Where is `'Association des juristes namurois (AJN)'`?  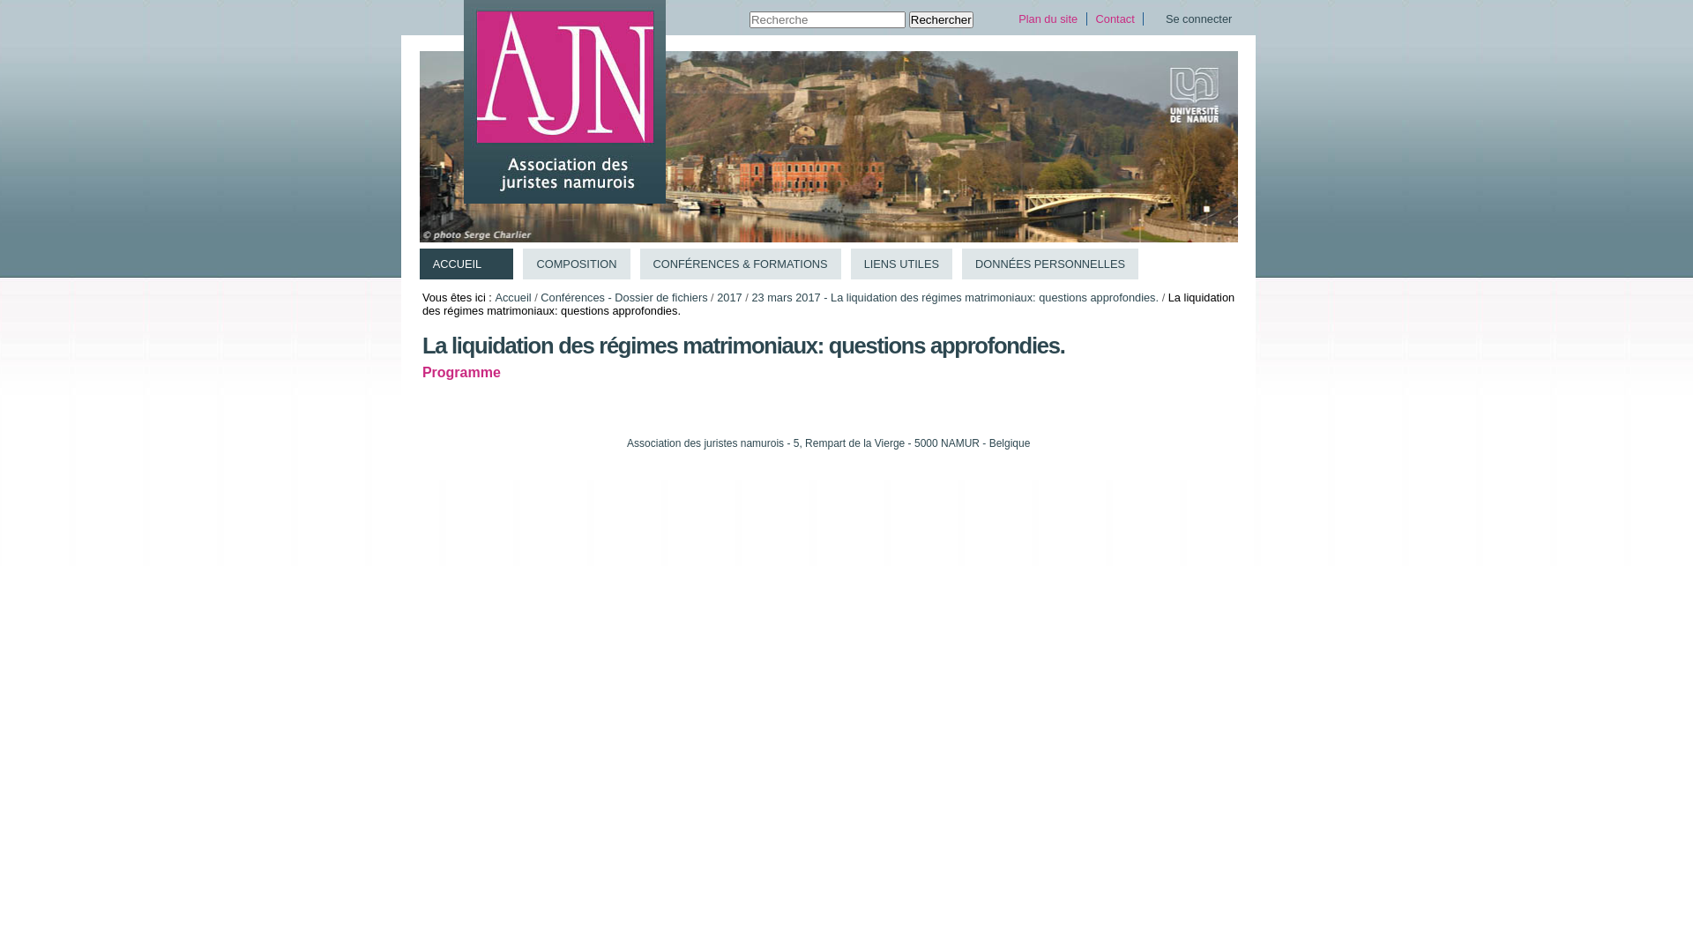
'Association des juristes namurois (AJN)' is located at coordinates (564, 101).